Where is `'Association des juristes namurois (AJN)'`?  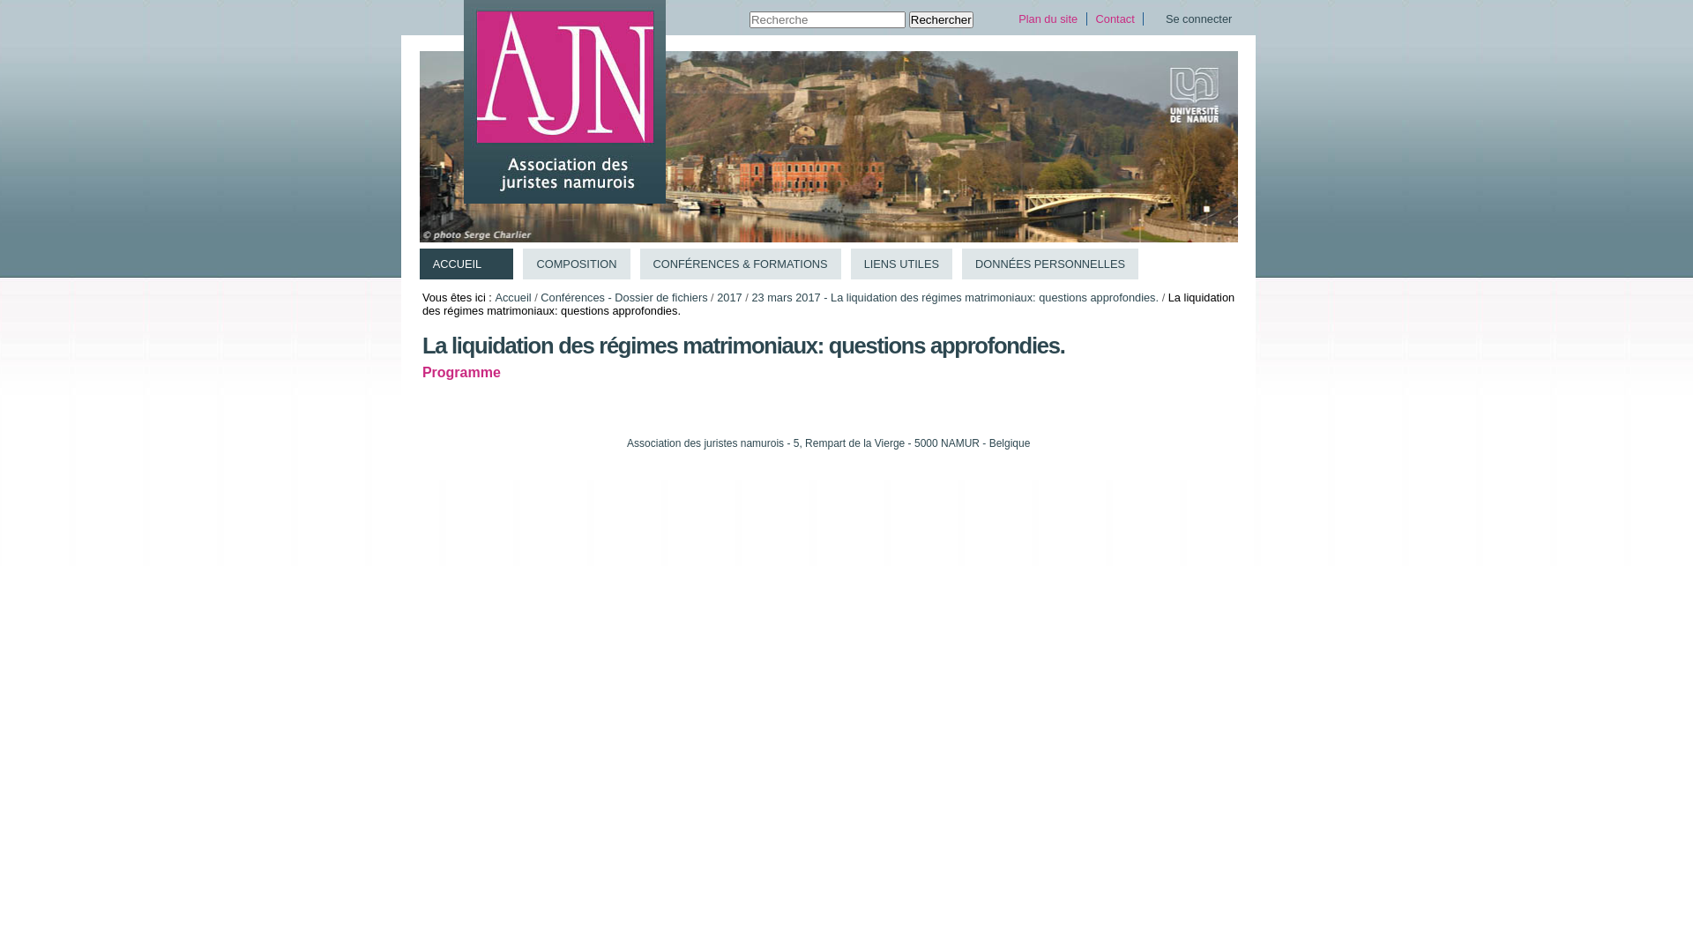
'Association des juristes namurois (AJN)' is located at coordinates (564, 101).